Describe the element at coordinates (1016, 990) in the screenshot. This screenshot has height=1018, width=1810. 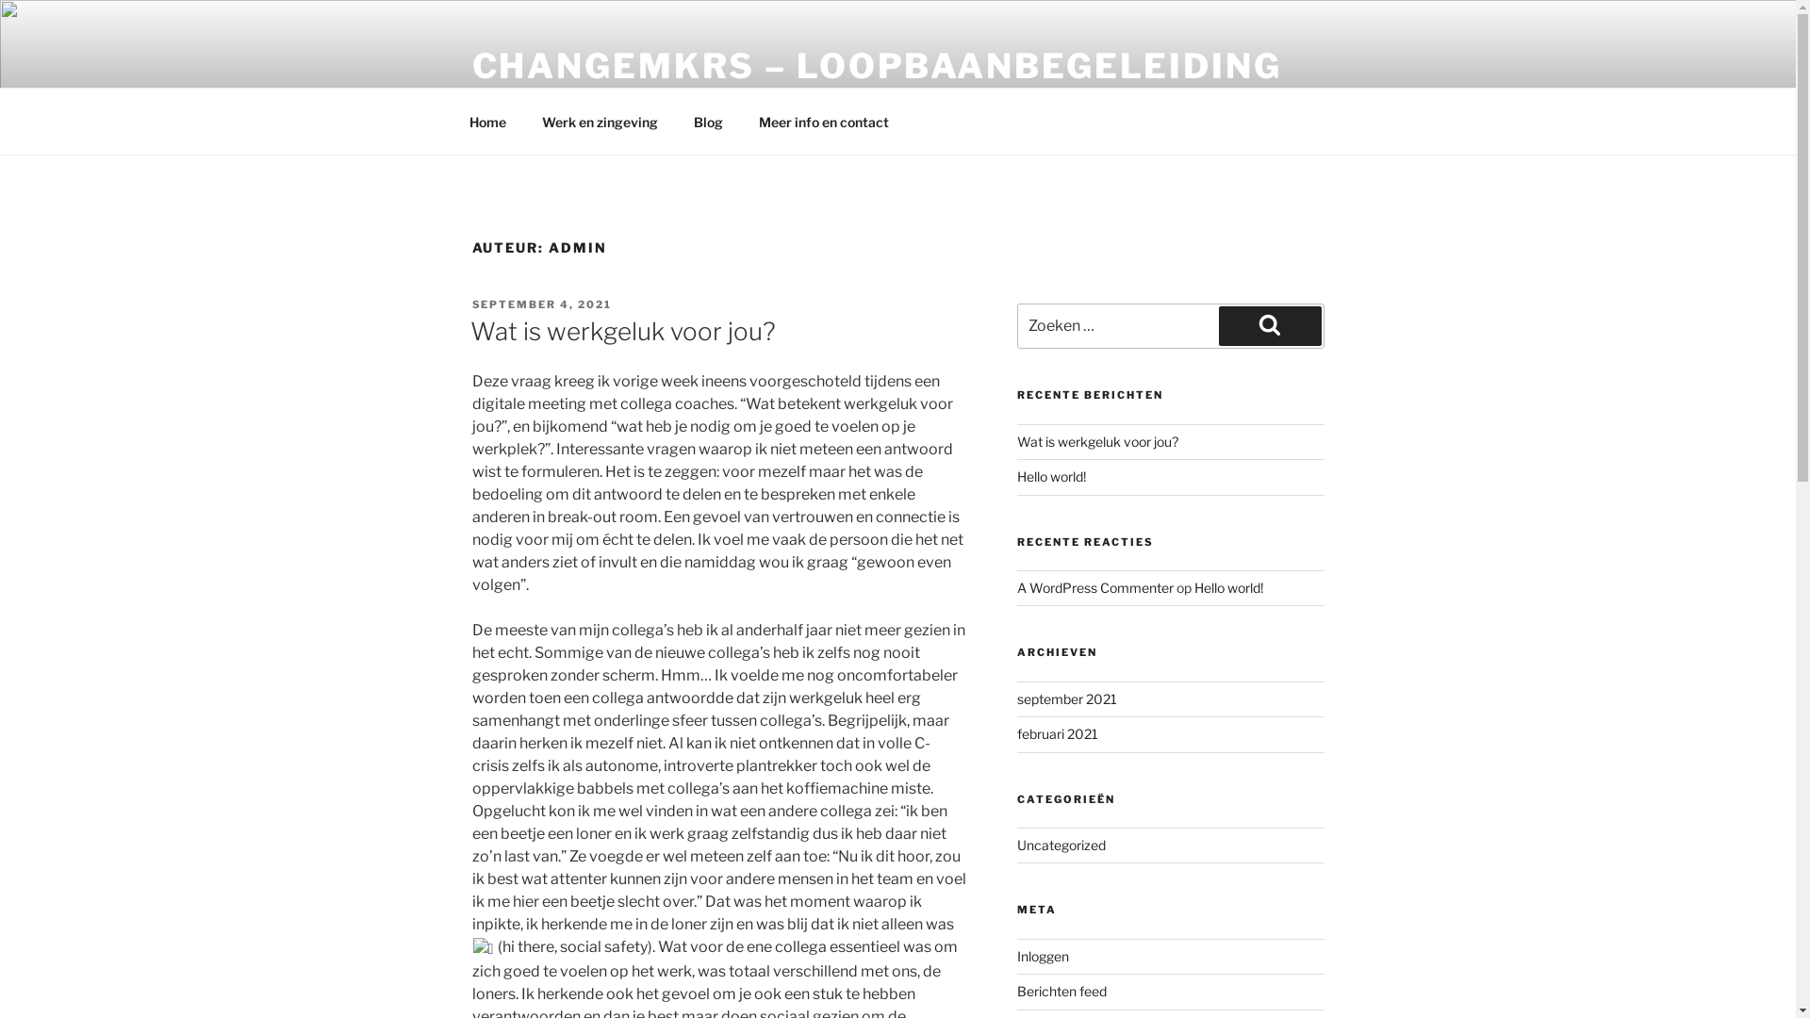
I see `'Berichten feed'` at that location.